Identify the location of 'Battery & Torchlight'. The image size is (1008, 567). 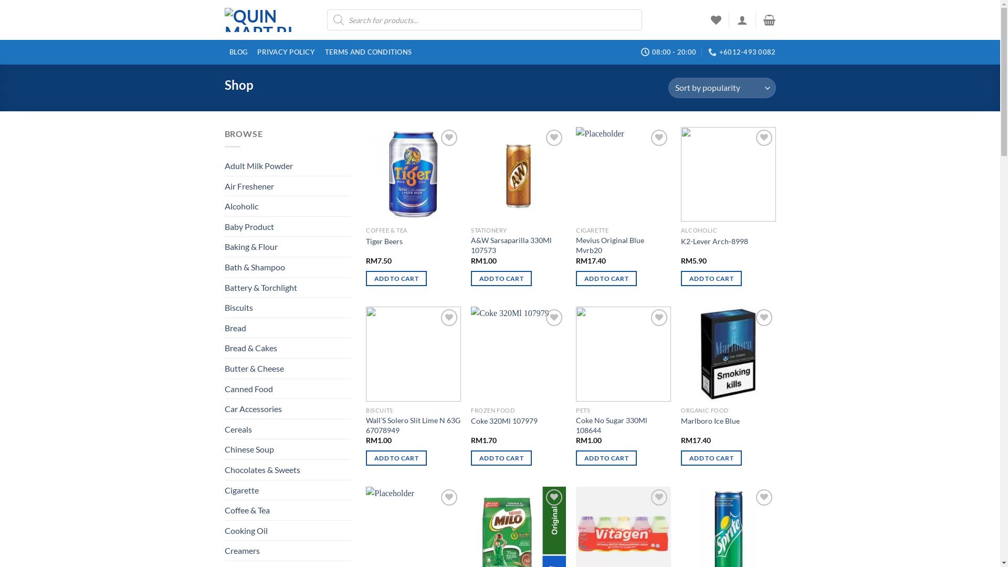
(287, 287).